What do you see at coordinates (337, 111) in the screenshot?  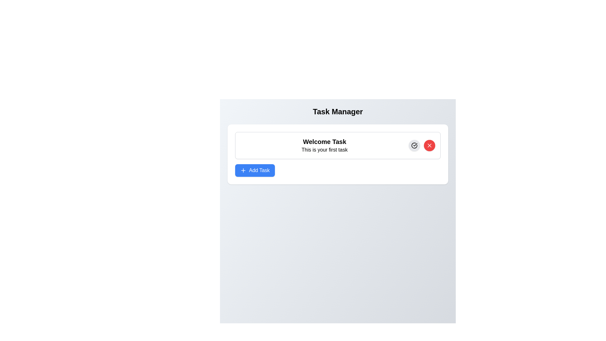 I see `the title text of the Task Manager application, which is centrally positioned at the top of the interface and serves as the primary header` at bounding box center [337, 111].